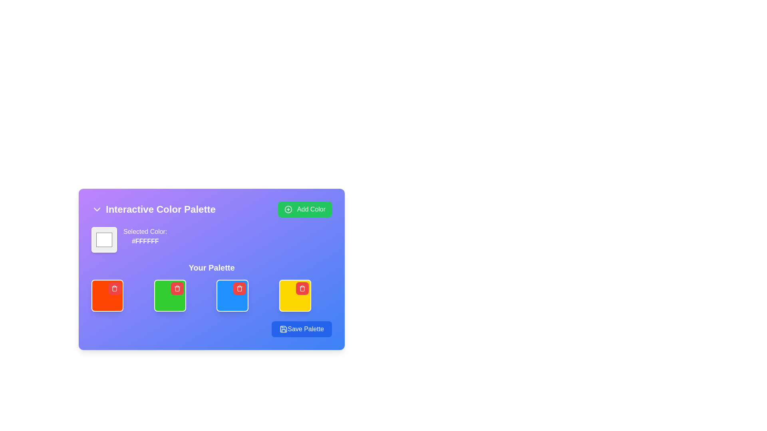  I want to click on the color square in the palette, which is the second square from the left under 'Your Palette', so click(169, 295).